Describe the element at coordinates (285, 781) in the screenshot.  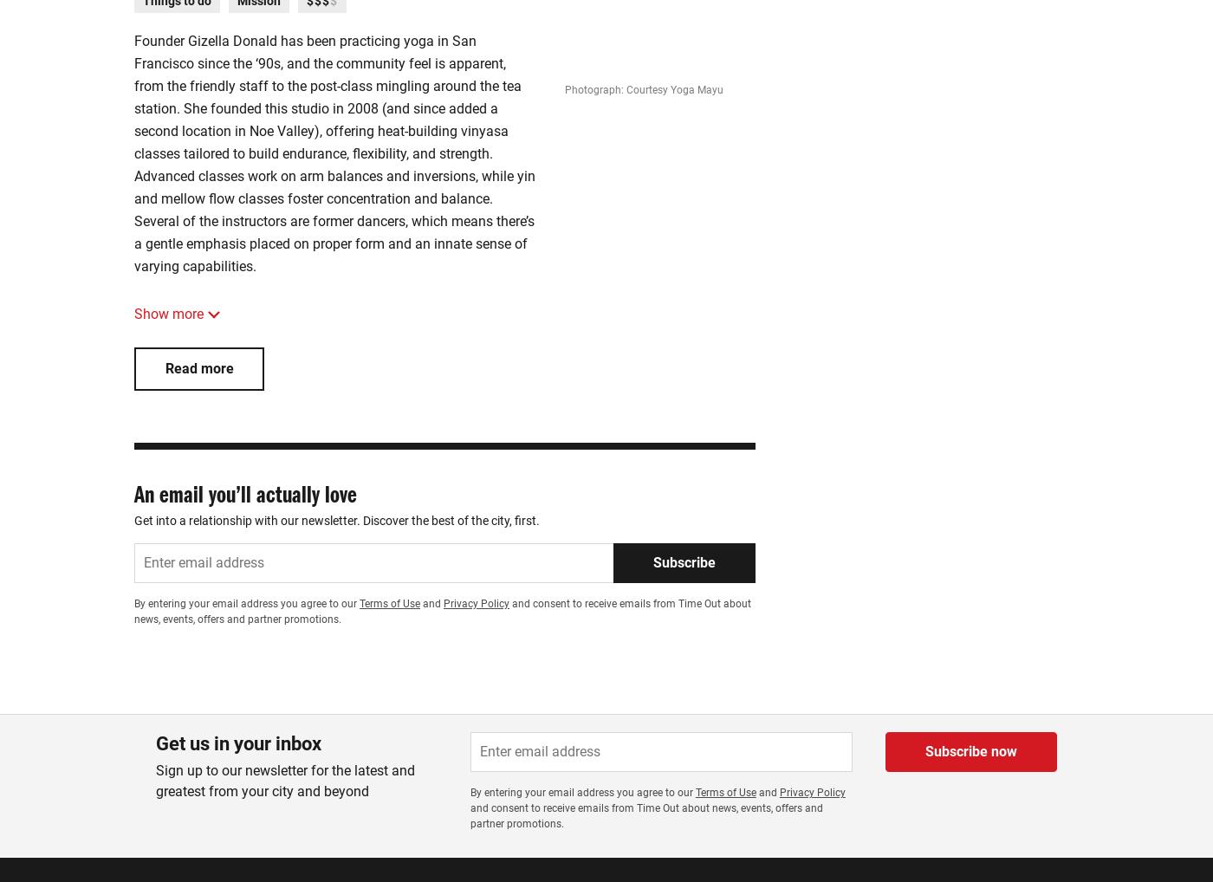
I see `'Sign up to our newsletter for the latest and greatest from your city and beyond'` at that location.